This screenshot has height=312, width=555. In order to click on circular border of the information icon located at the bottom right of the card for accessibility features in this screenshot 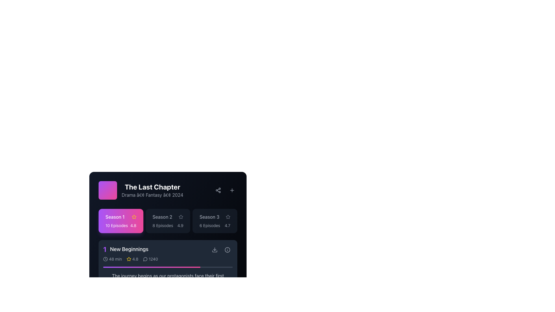, I will do `click(227, 249)`.